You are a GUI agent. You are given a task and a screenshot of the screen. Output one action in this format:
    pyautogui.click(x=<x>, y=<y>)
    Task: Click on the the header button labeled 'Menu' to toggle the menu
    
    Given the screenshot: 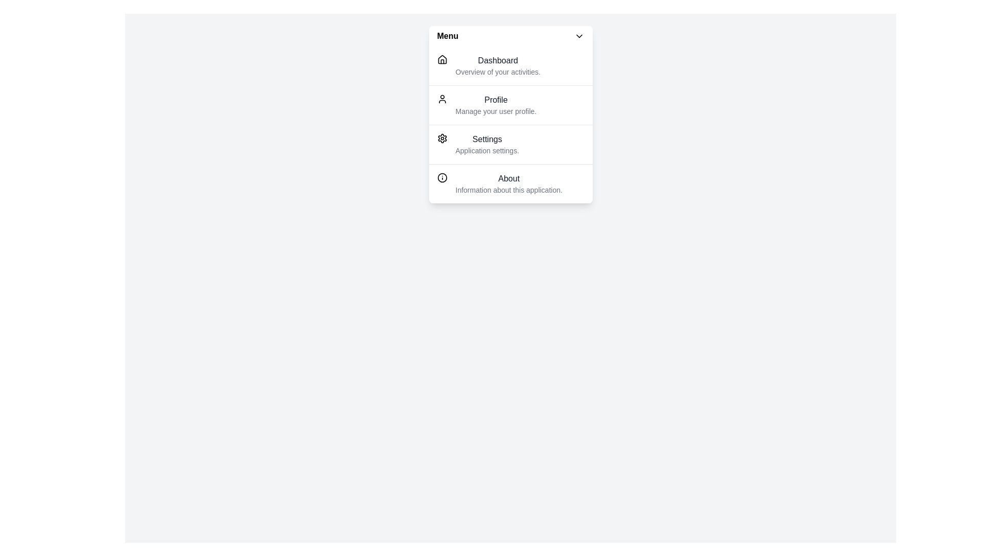 What is the action you would take?
    pyautogui.click(x=510, y=35)
    